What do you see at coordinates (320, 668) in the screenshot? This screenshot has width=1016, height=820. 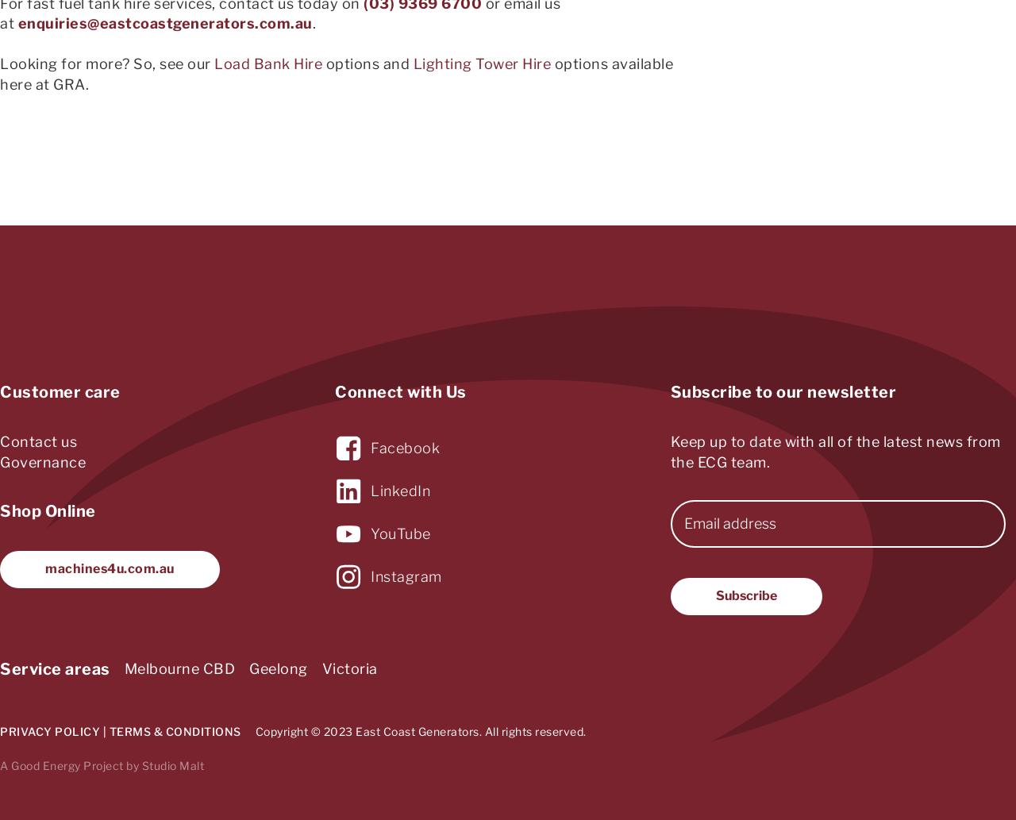 I see `'Victoria'` at bounding box center [320, 668].